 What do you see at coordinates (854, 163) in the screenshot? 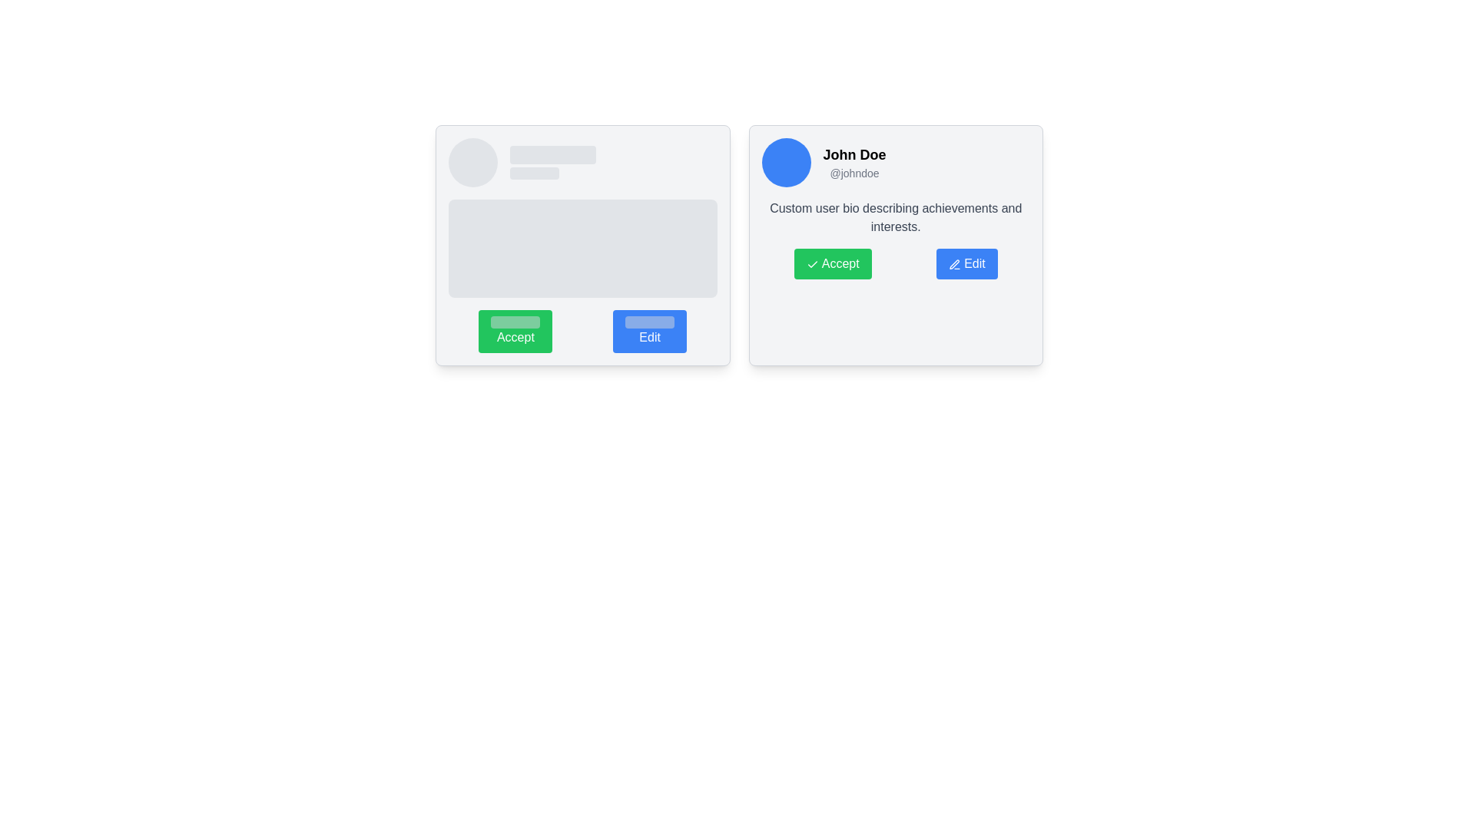
I see `the text label displaying the user's name and username located in the upper section of the right card, beside the circular avatar and above the action buttons` at bounding box center [854, 163].